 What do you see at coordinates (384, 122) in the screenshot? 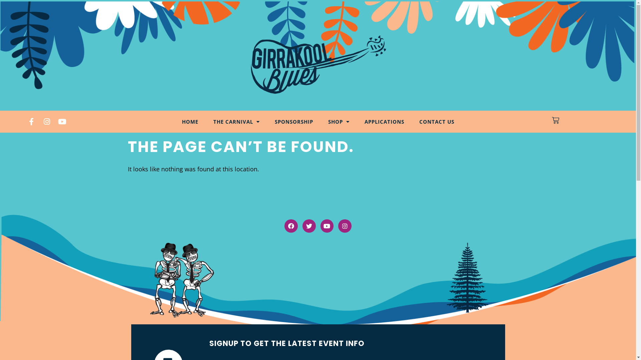
I see `'APPLICATIONS'` at bounding box center [384, 122].